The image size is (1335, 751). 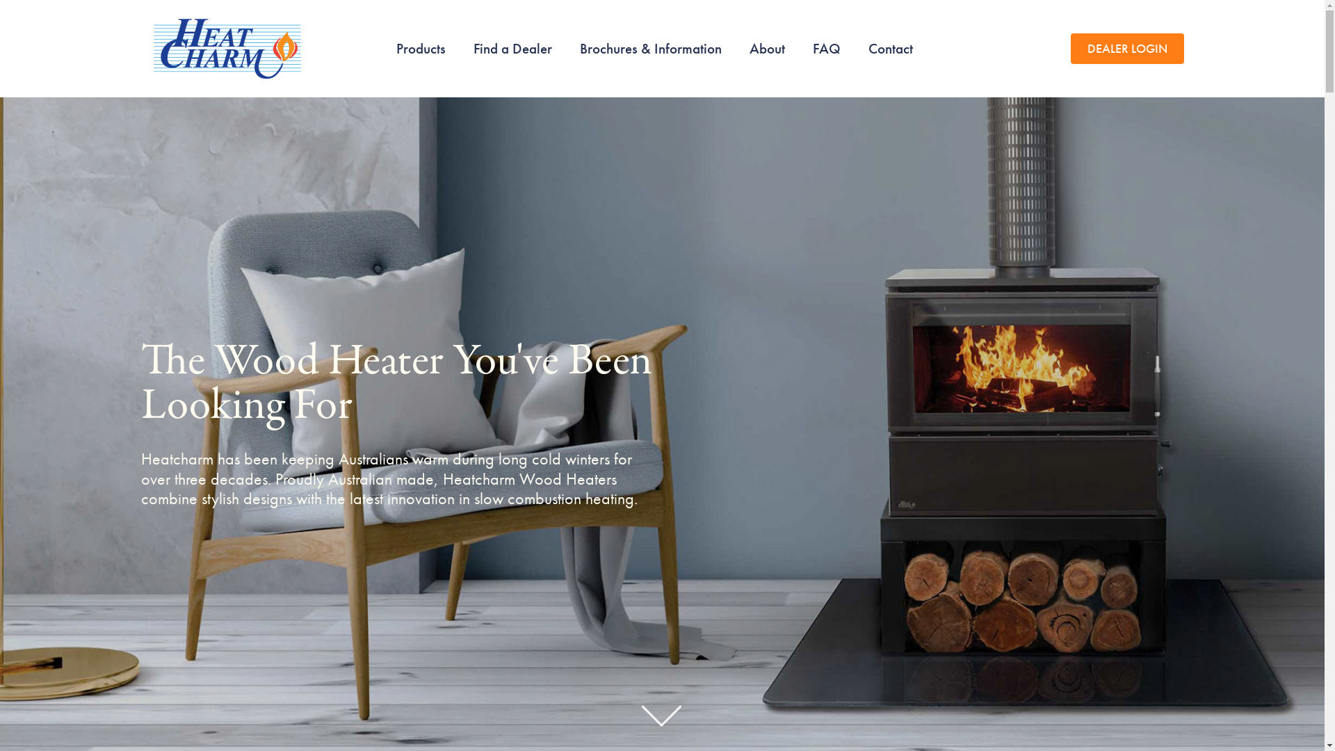 I want to click on 'Products', so click(x=420, y=47).